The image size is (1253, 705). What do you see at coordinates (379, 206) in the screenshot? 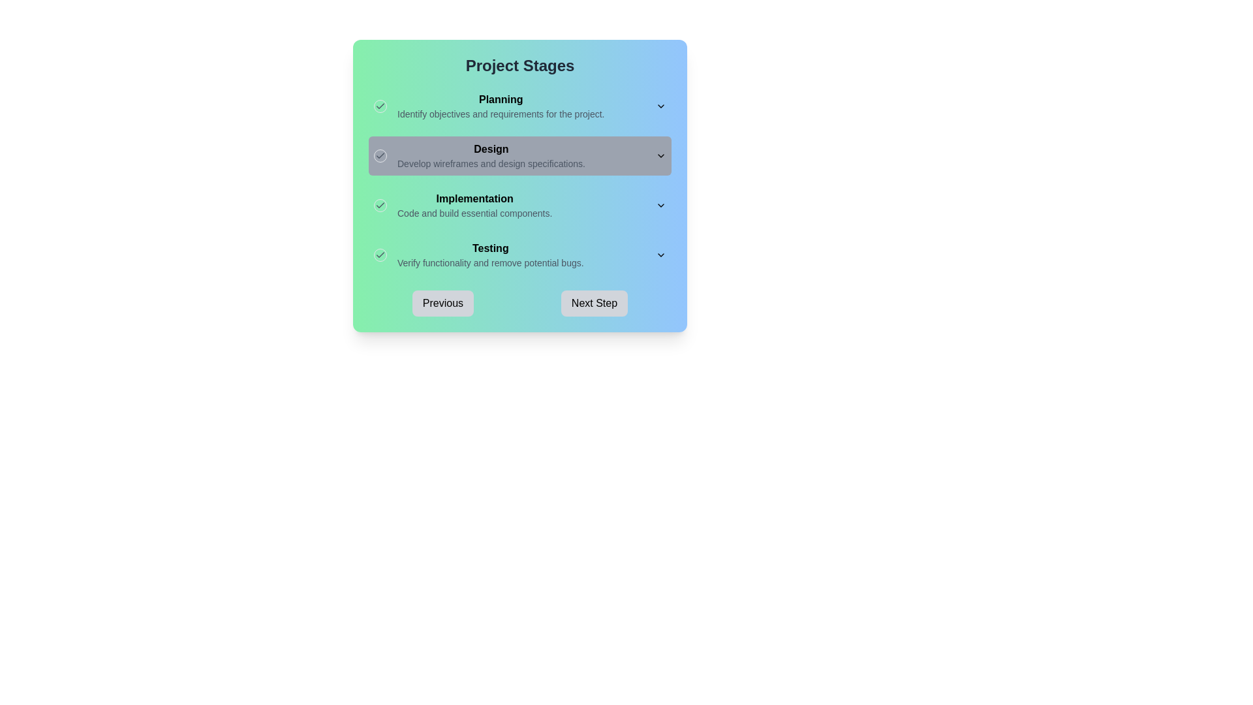
I see `the 'Implementation' stage completion icon located to the left of the text in the 'Project Stages' section` at bounding box center [379, 206].